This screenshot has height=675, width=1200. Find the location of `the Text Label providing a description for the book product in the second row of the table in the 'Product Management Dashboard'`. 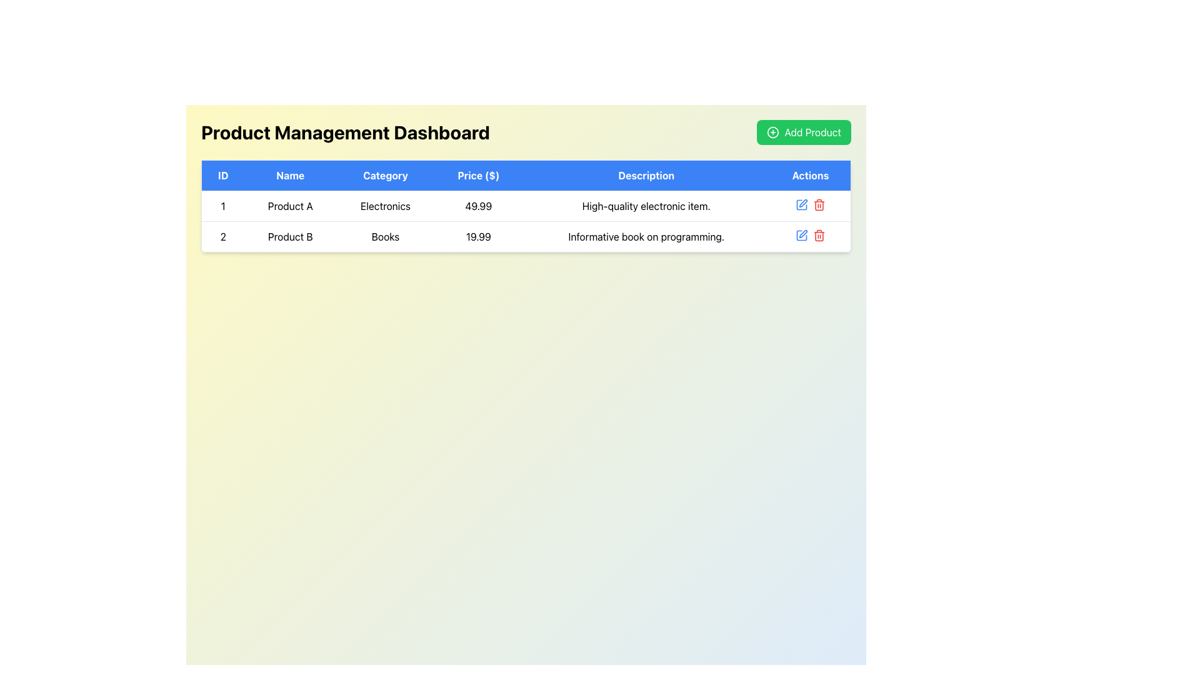

the Text Label providing a description for the book product in the second row of the table in the 'Product Management Dashboard' is located at coordinates (646, 236).